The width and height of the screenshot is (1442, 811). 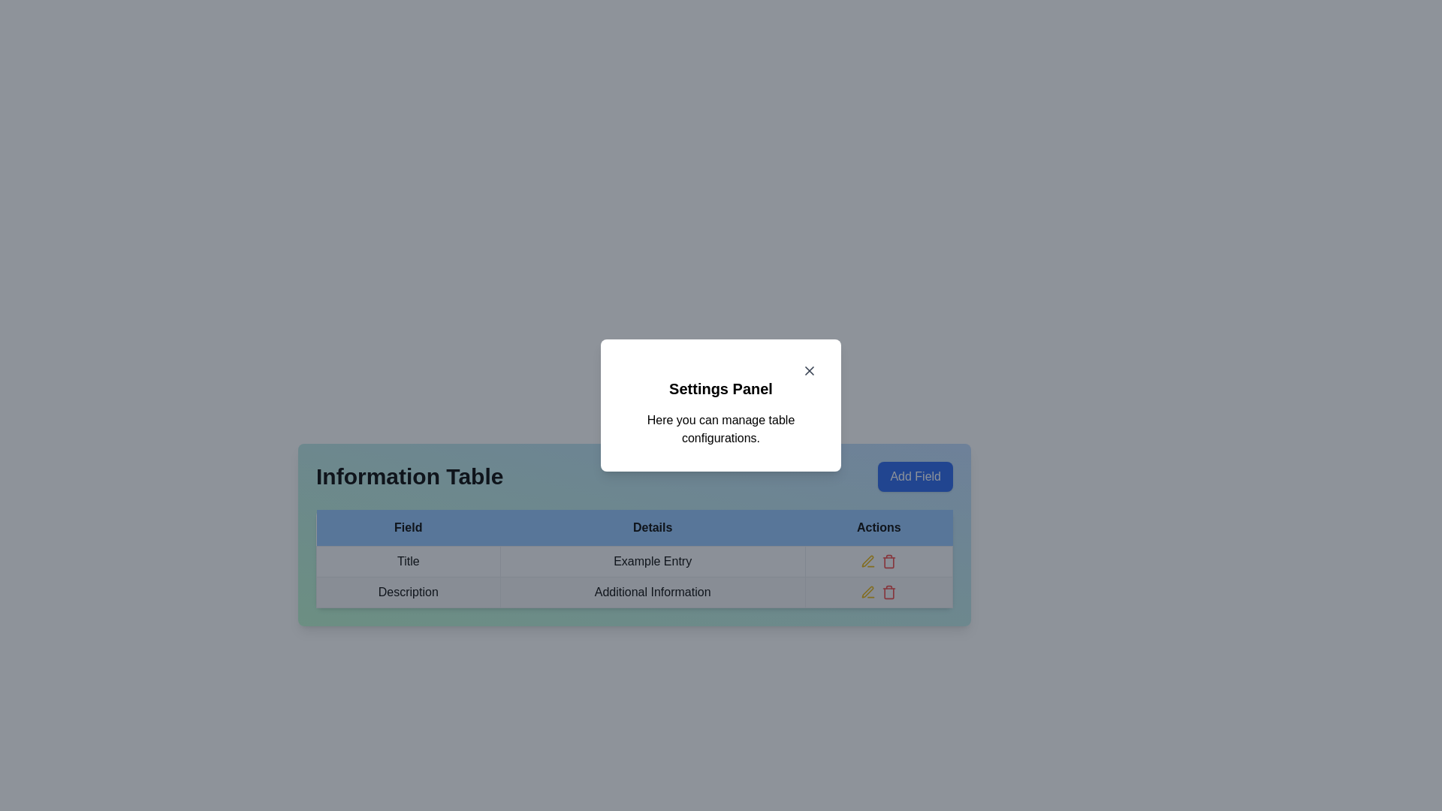 What do you see at coordinates (879, 562) in the screenshot?
I see `the delete icon in the horizontal group of interactive icons located in the 'Actions' column of the first row in the 'Information Table' section` at bounding box center [879, 562].